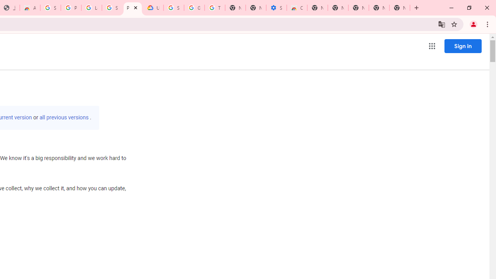 The width and height of the screenshot is (496, 279). What do you see at coordinates (400, 8) in the screenshot?
I see `'New Tab'` at bounding box center [400, 8].